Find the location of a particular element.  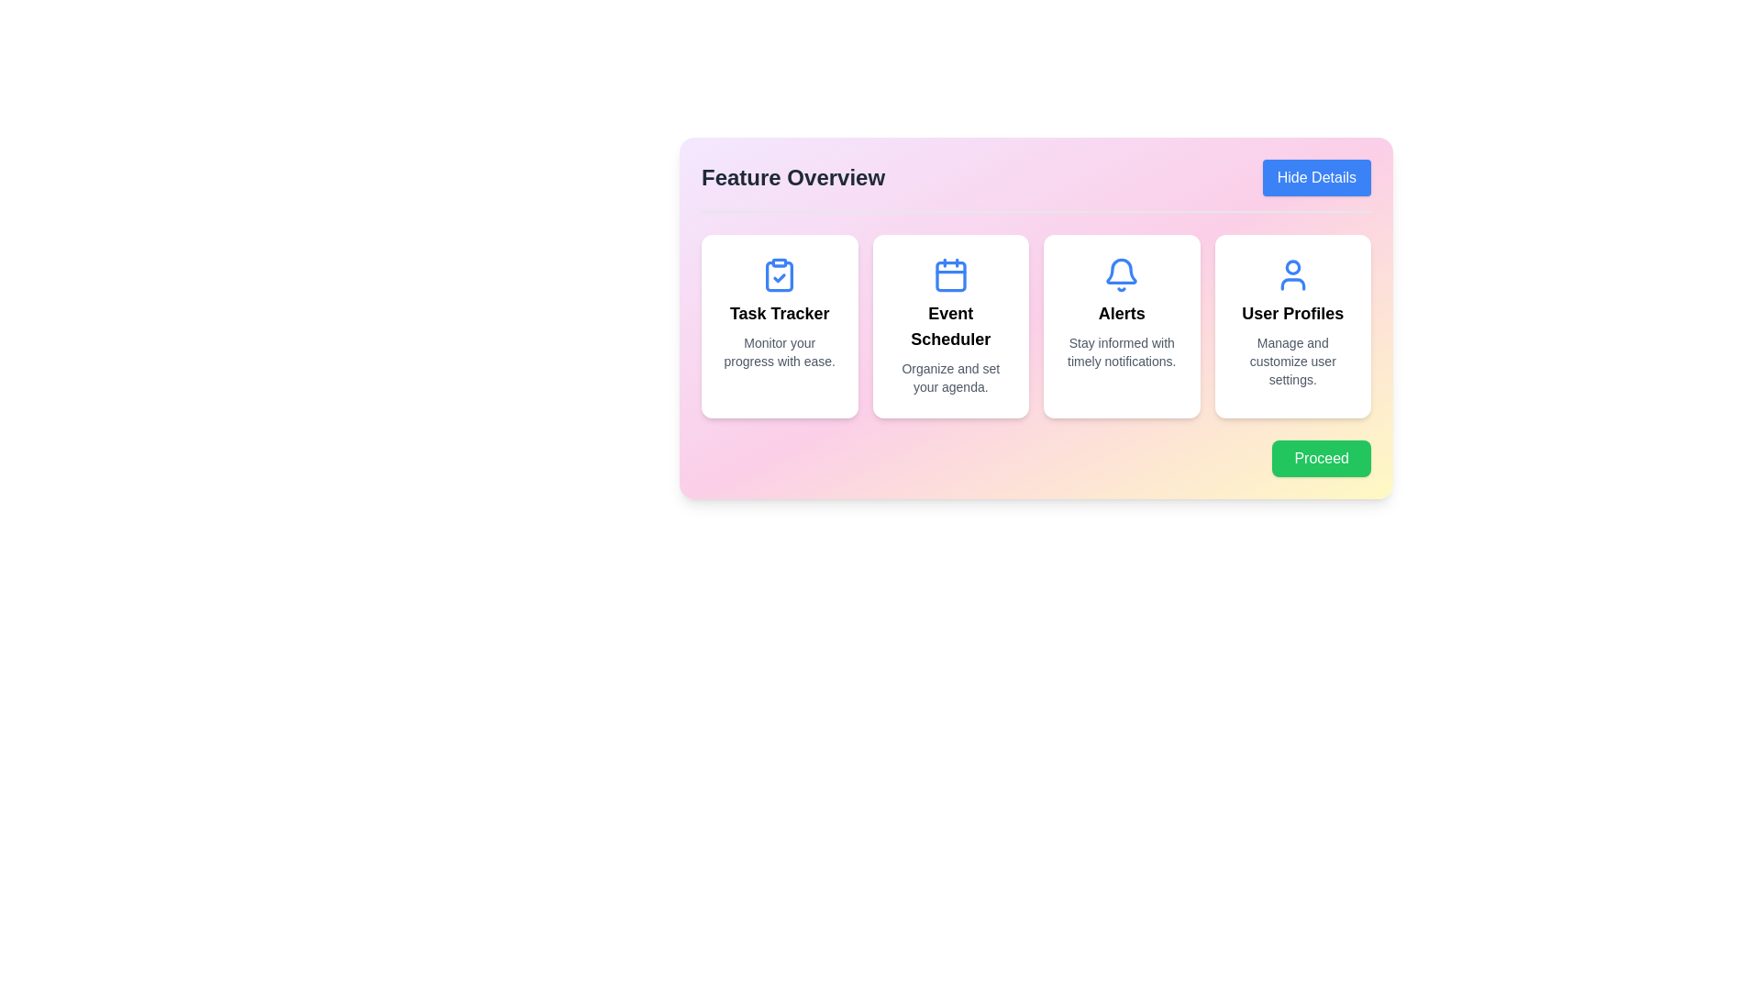

the 'Alerts' text label, which is bold and large, located centrally within the third card beneath a blue bell icon is located at coordinates (1121, 313).